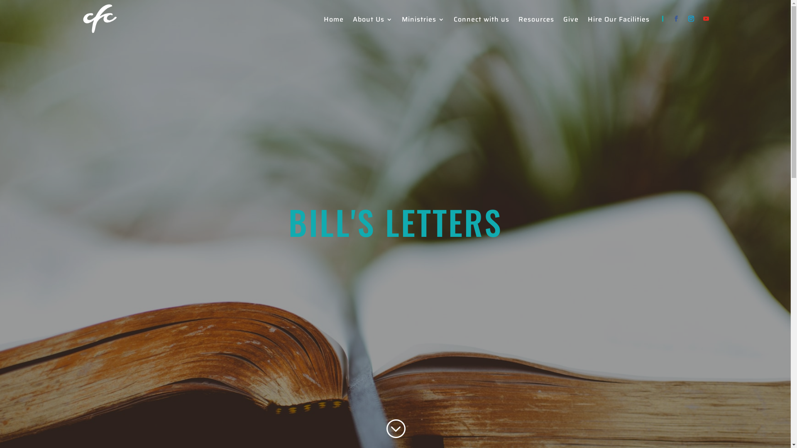  What do you see at coordinates (619, 20) in the screenshot?
I see `'Hire Our Facilities'` at bounding box center [619, 20].